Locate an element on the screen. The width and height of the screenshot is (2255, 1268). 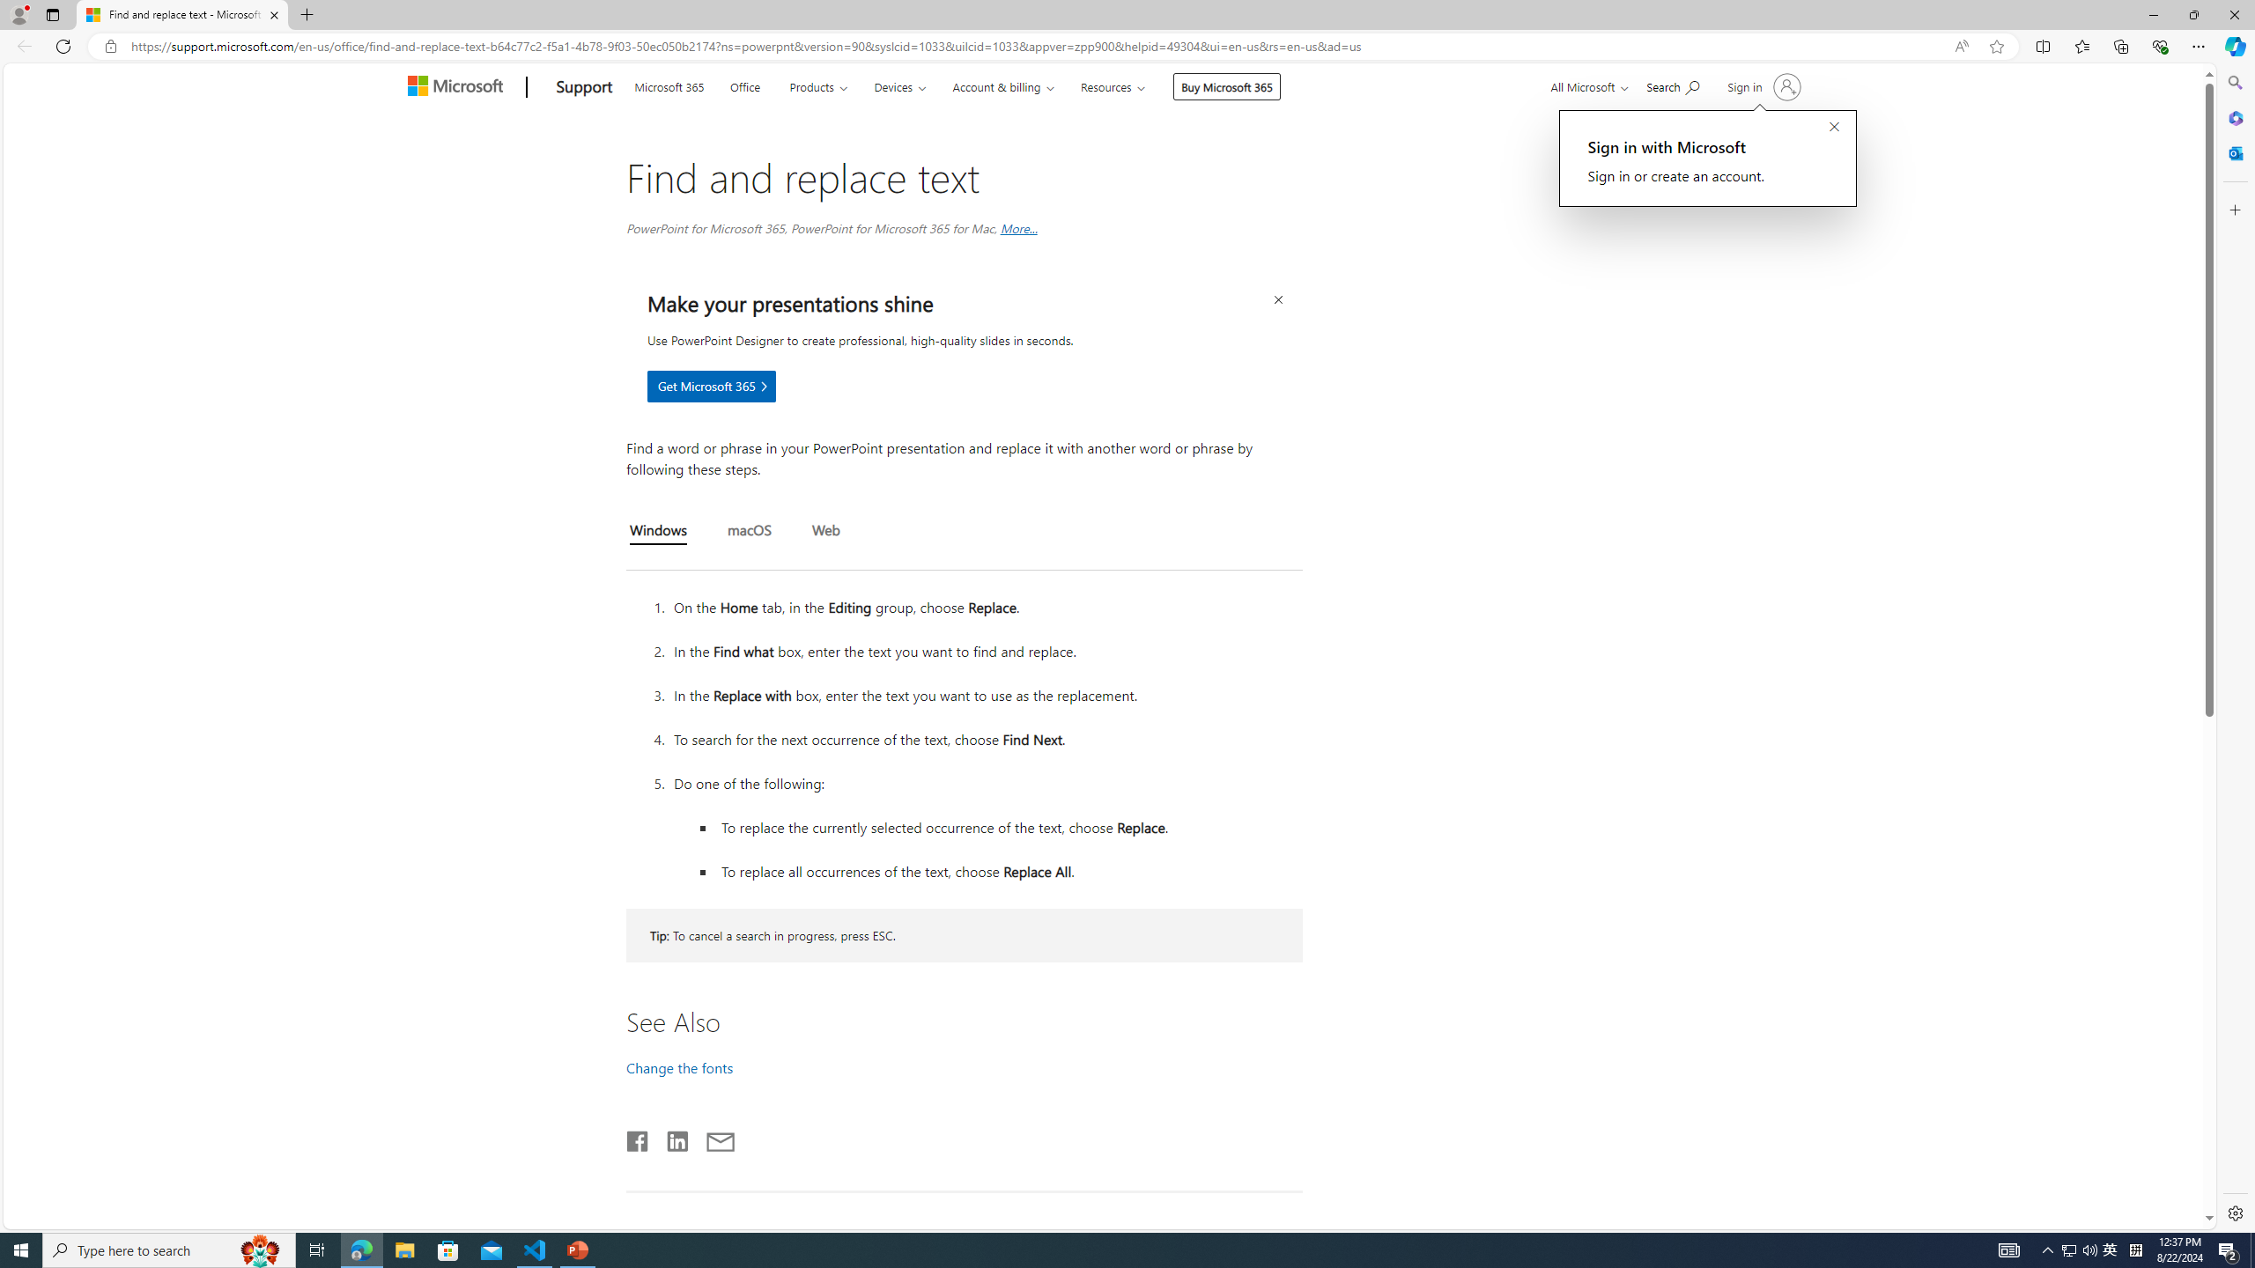
'On the Home tab, in the Editing group, choose Replace.' is located at coordinates (984, 607).